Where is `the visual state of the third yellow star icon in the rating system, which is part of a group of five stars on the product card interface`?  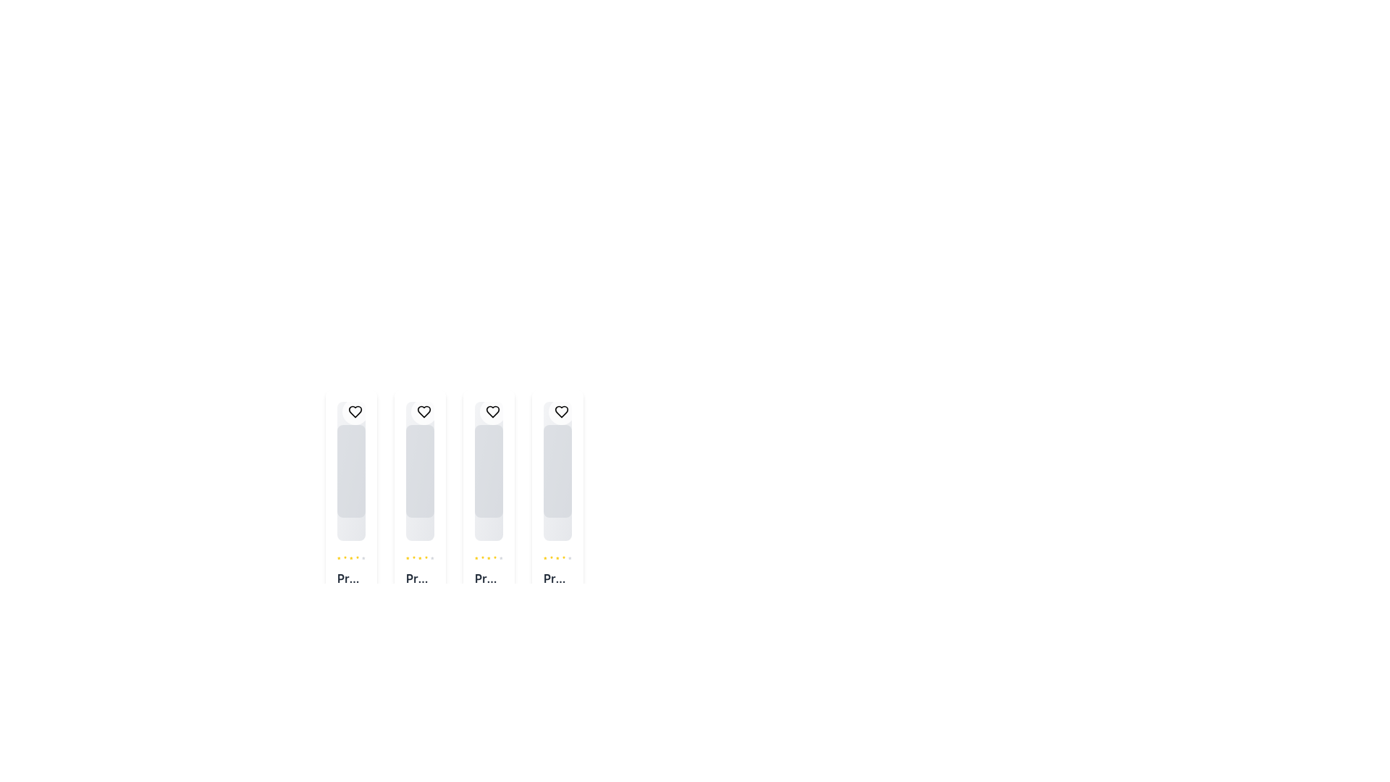 the visual state of the third yellow star icon in the rating system, which is part of a group of five stars on the product card interface is located at coordinates (413, 558).